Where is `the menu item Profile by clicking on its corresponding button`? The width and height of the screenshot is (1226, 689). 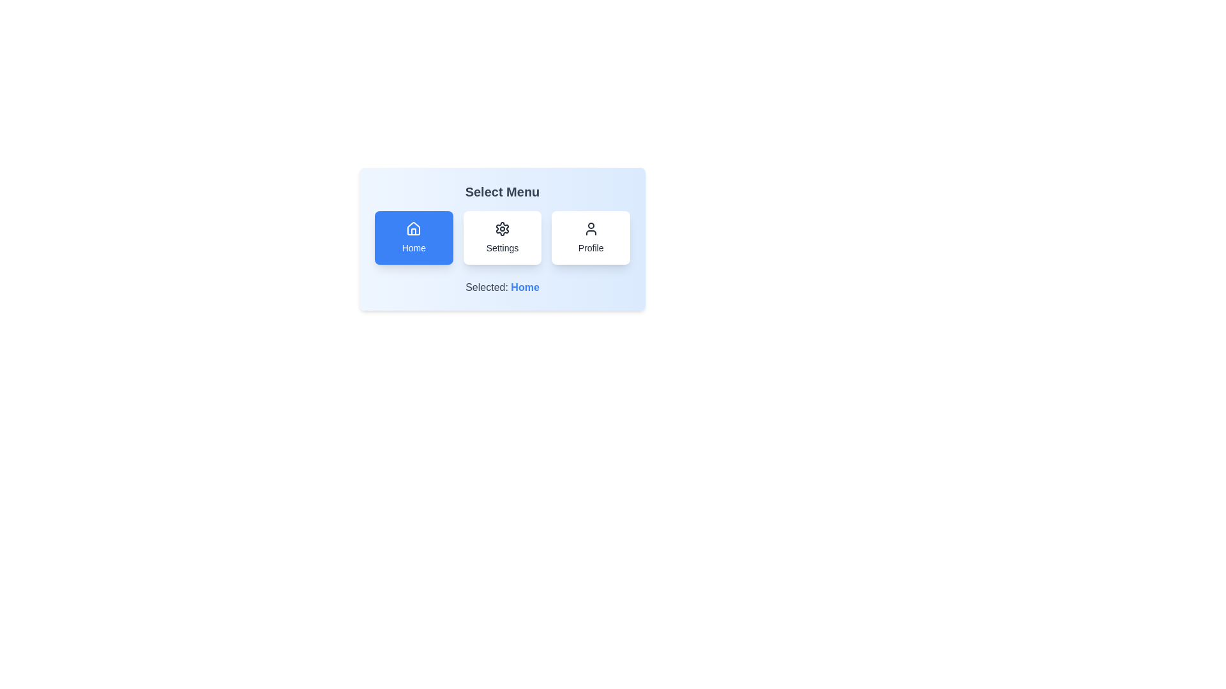
the menu item Profile by clicking on its corresponding button is located at coordinates (590, 238).